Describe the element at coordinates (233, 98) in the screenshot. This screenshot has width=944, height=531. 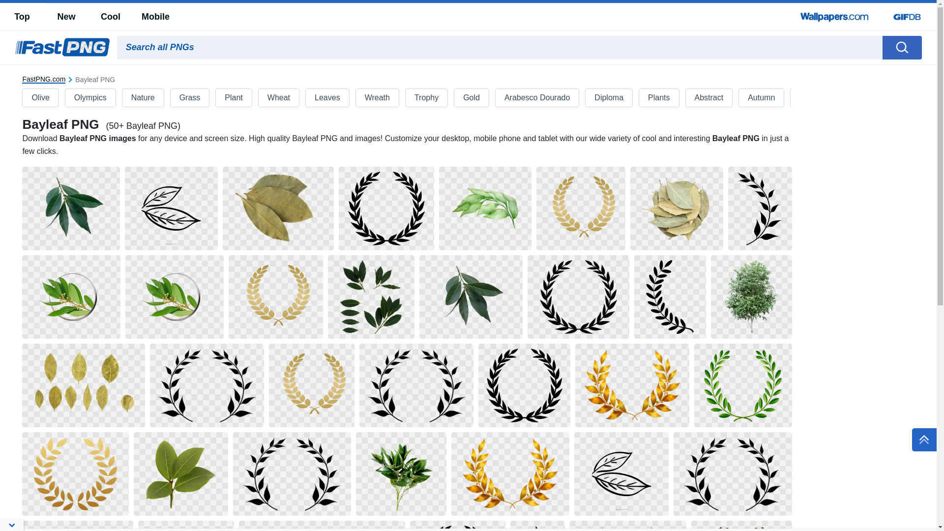
I see `'Plant'` at that location.